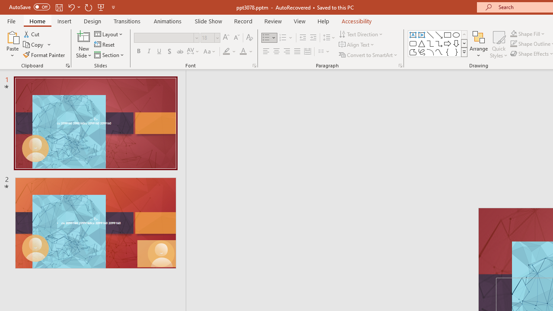  What do you see at coordinates (169, 51) in the screenshot?
I see `'Shadow'` at bounding box center [169, 51].